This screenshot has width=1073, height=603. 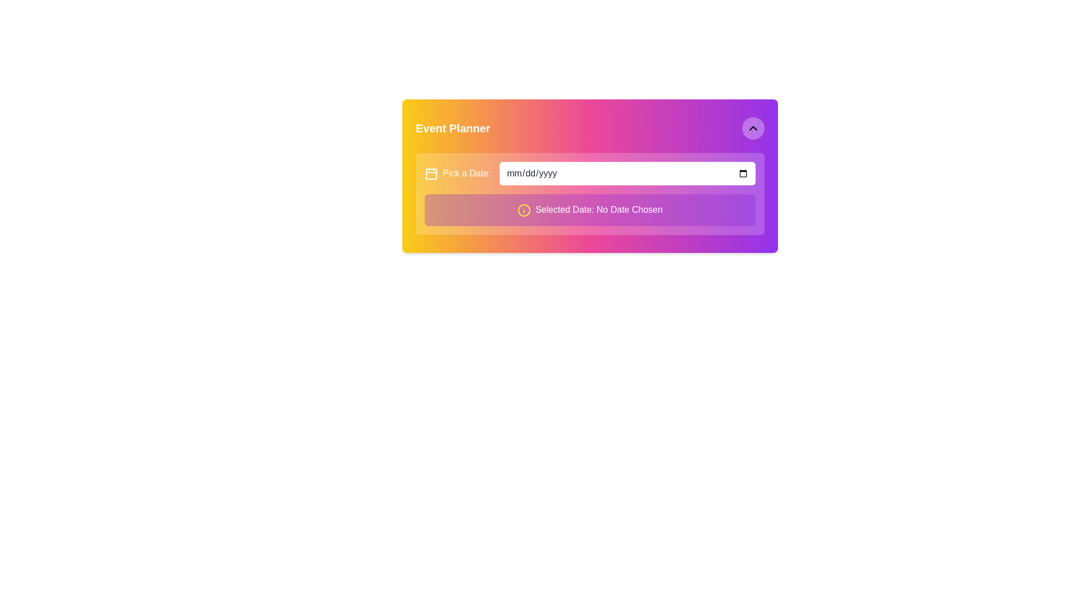 What do you see at coordinates (431, 174) in the screenshot?
I see `the date-picking icon located to the left of the text 'Pick a Date:' in the 'Event Planner' dialog box` at bounding box center [431, 174].